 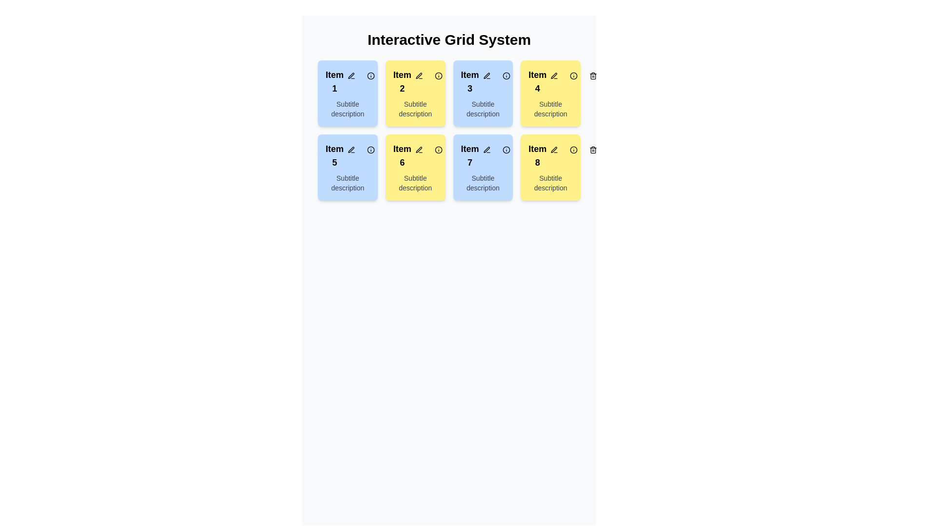 What do you see at coordinates (370, 150) in the screenshot?
I see `the Circle icon representing the info feature within the 'Item 5' card located in the second row, first column of the interactive grid` at bounding box center [370, 150].